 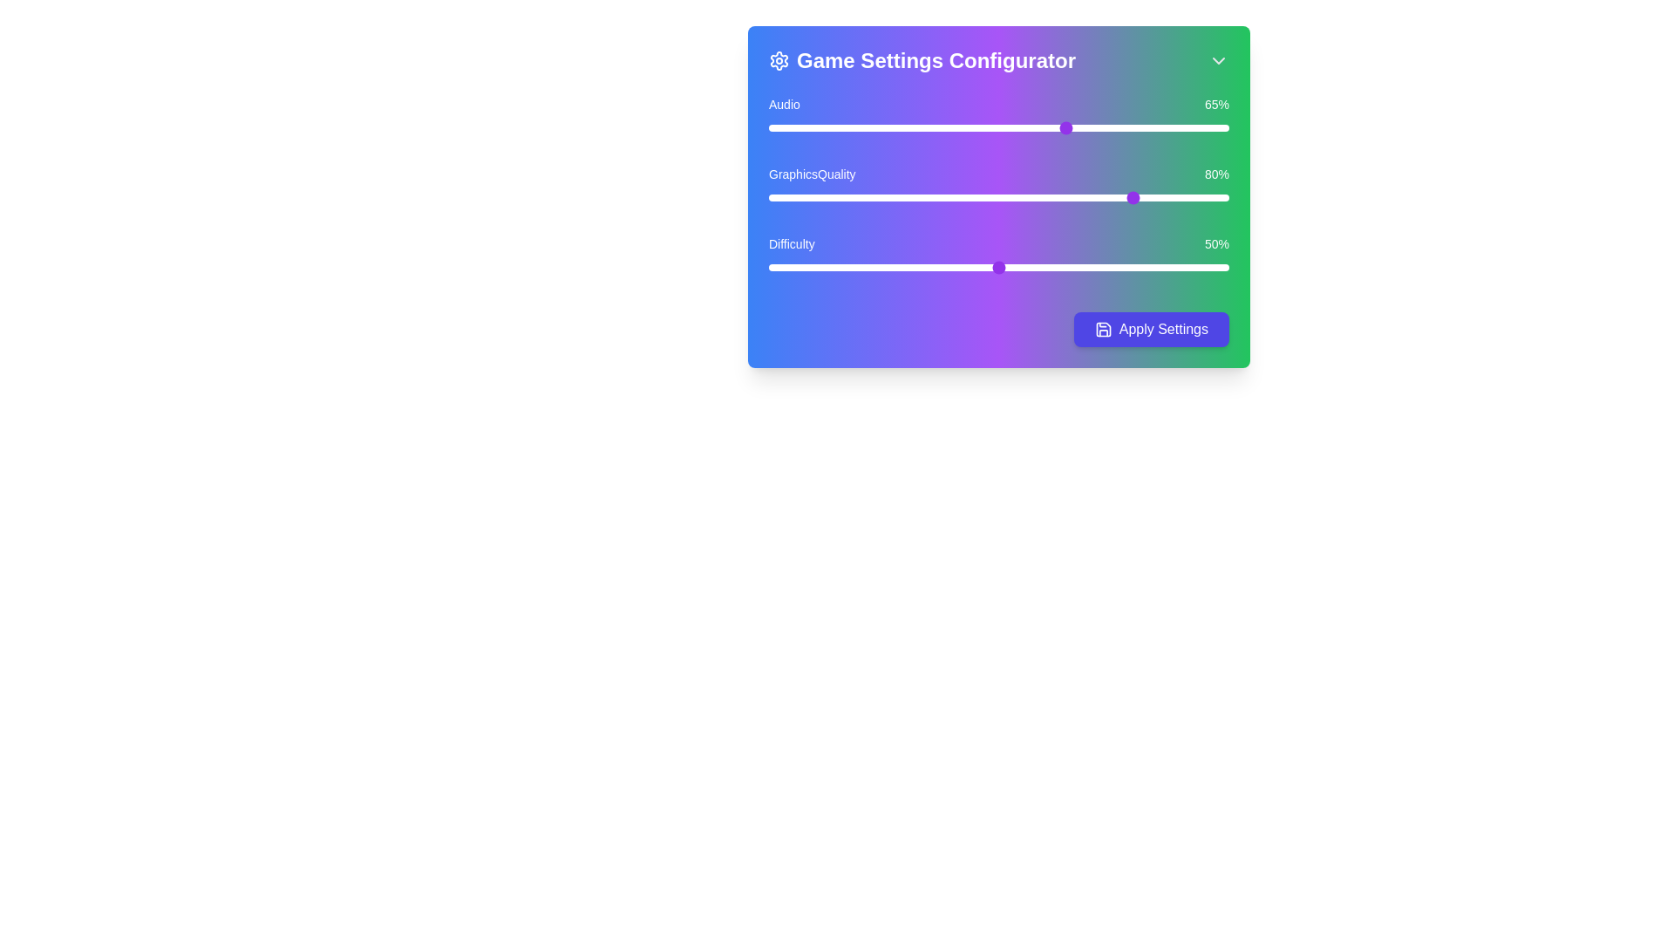 I want to click on the Text Label indicating the graphics quality setting in the Game Settings Configurator, positioned between the Audio and Difficulty sliders, so click(x=811, y=174).